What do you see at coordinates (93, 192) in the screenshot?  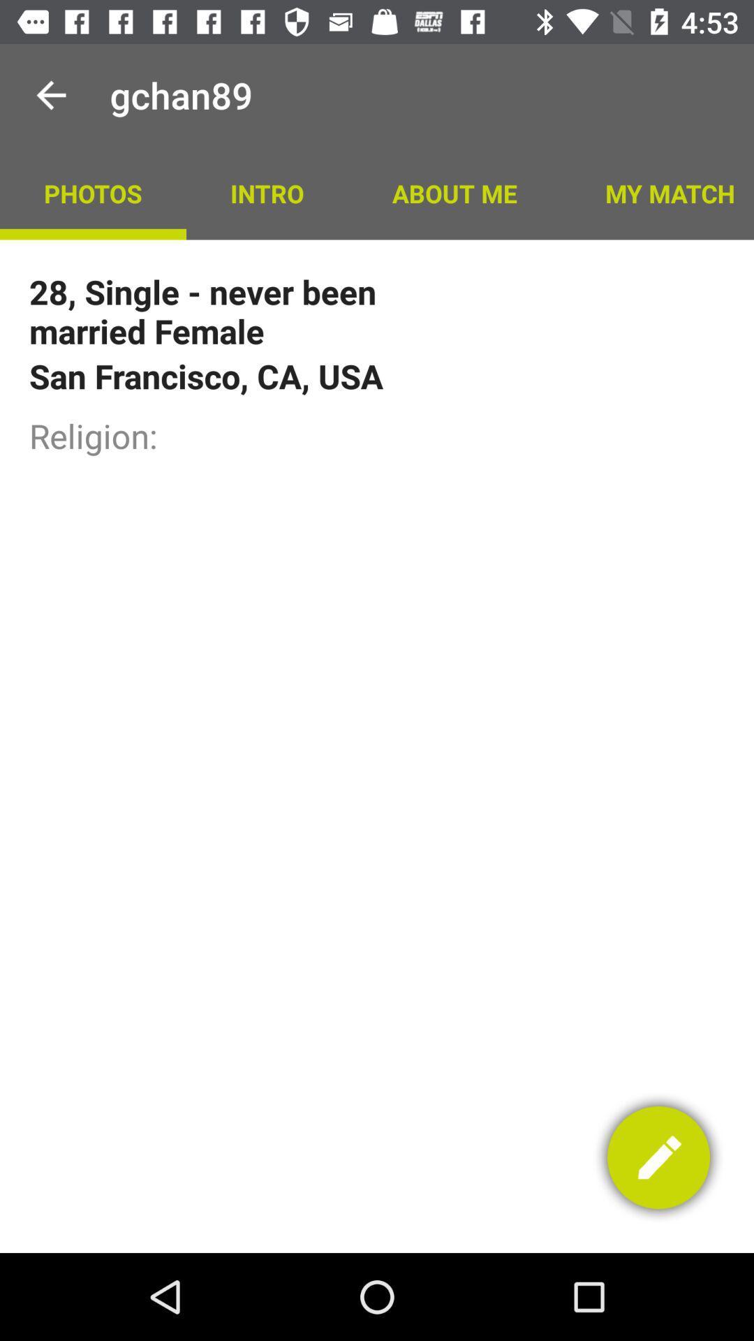 I see `the icon next to intro app` at bounding box center [93, 192].